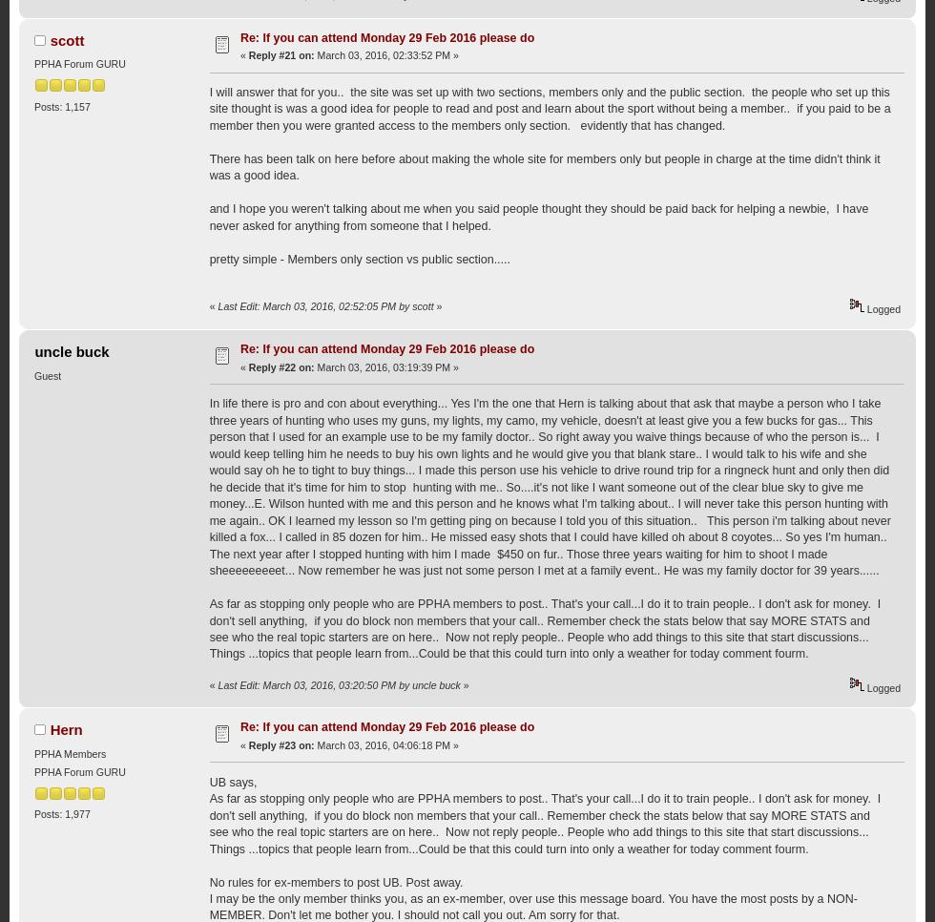 Image resolution: width=935 pixels, height=922 pixels. What do you see at coordinates (386, 744) in the screenshot?
I see `'March 03, 2016, 04:06:18 PM »'` at bounding box center [386, 744].